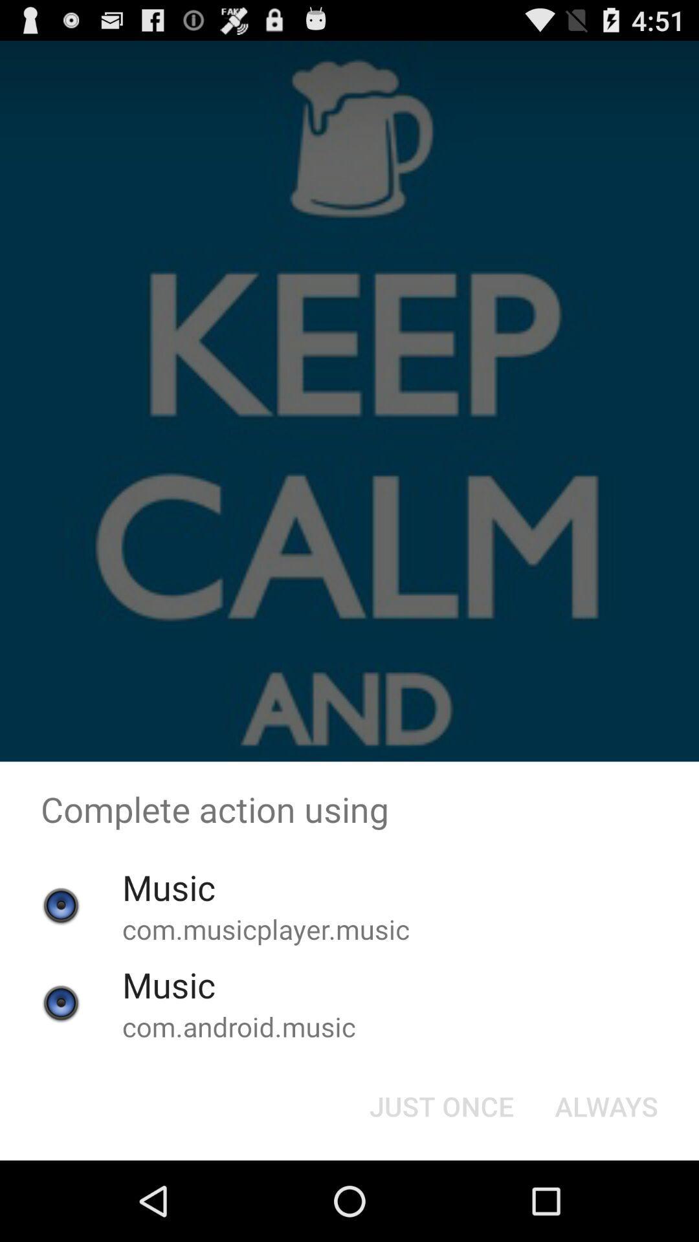 Image resolution: width=699 pixels, height=1242 pixels. I want to click on the button at the bottom right corner, so click(606, 1105).